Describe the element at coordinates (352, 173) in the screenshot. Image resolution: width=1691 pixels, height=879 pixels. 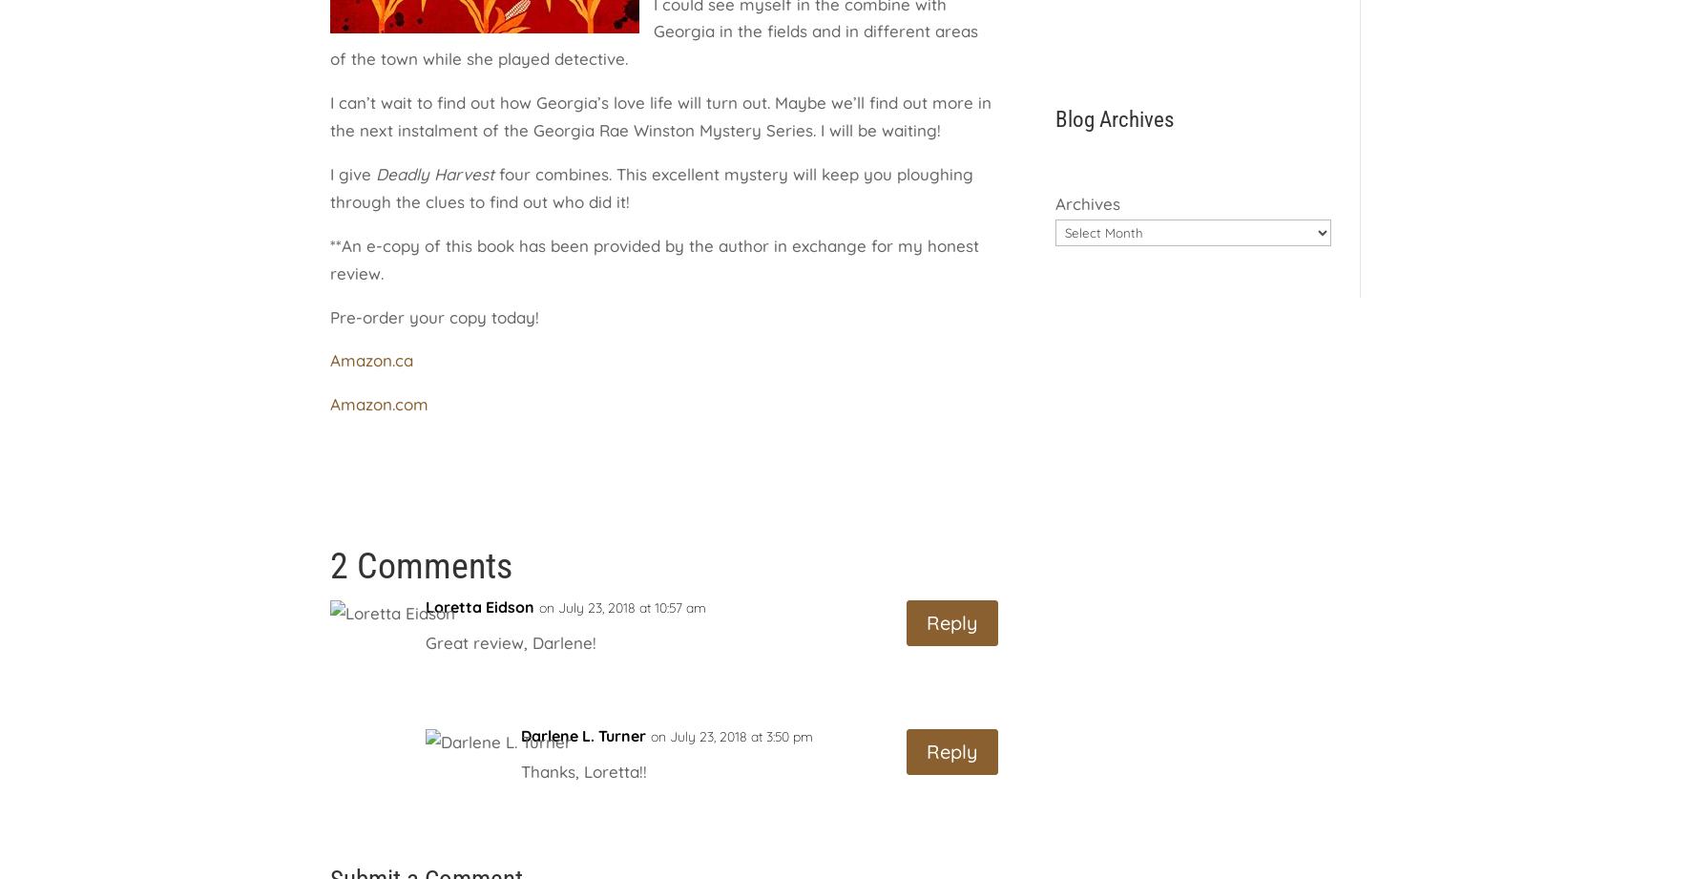
I see `'I give'` at that location.